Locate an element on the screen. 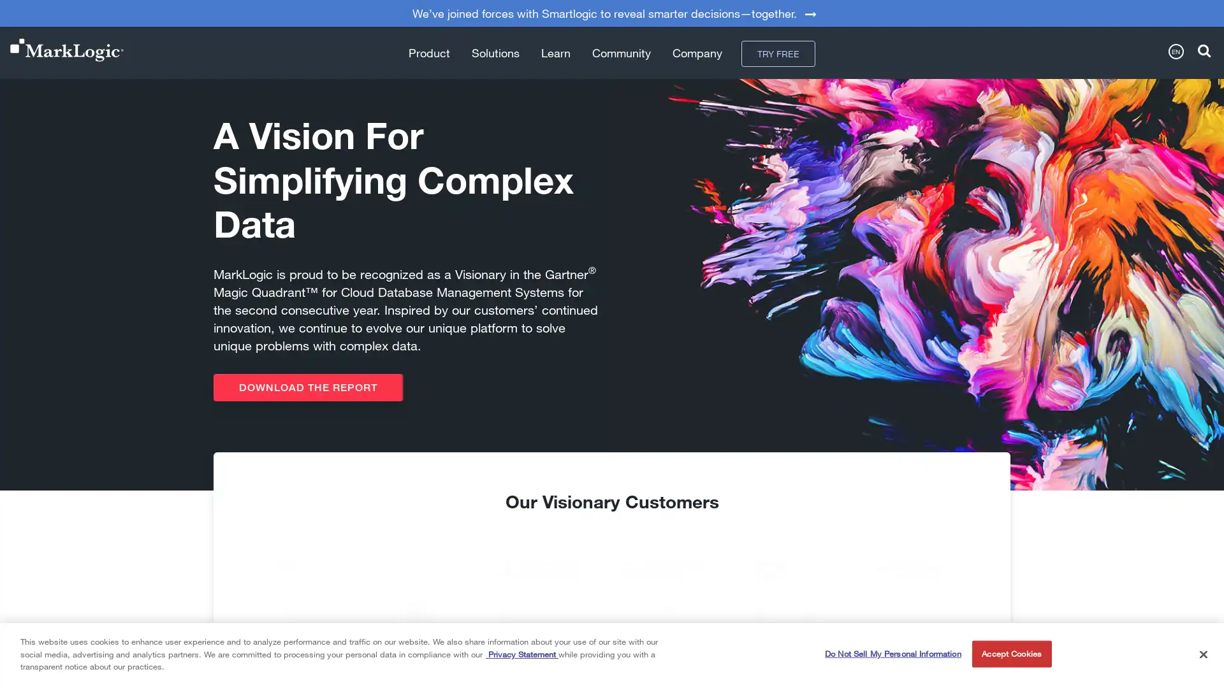  Accept Cookies is located at coordinates (1010, 654).